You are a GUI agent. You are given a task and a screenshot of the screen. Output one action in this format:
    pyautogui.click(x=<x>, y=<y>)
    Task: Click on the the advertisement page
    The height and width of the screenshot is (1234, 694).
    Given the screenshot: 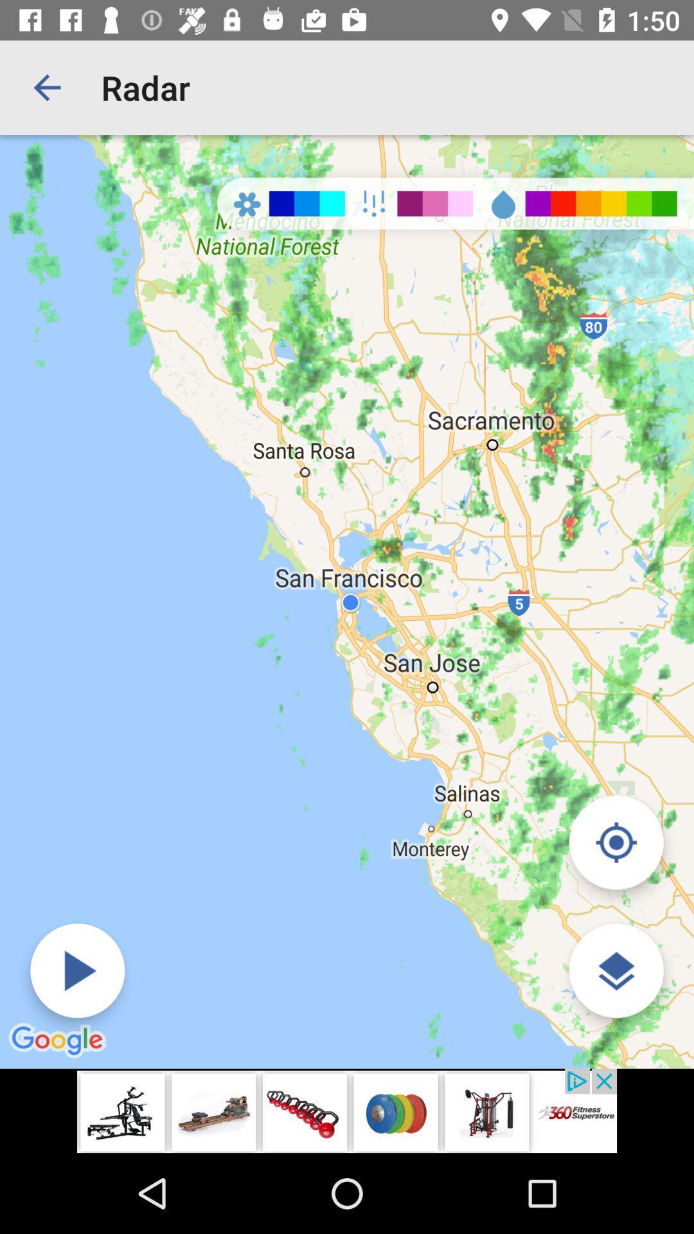 What is the action you would take?
    pyautogui.click(x=347, y=1110)
    